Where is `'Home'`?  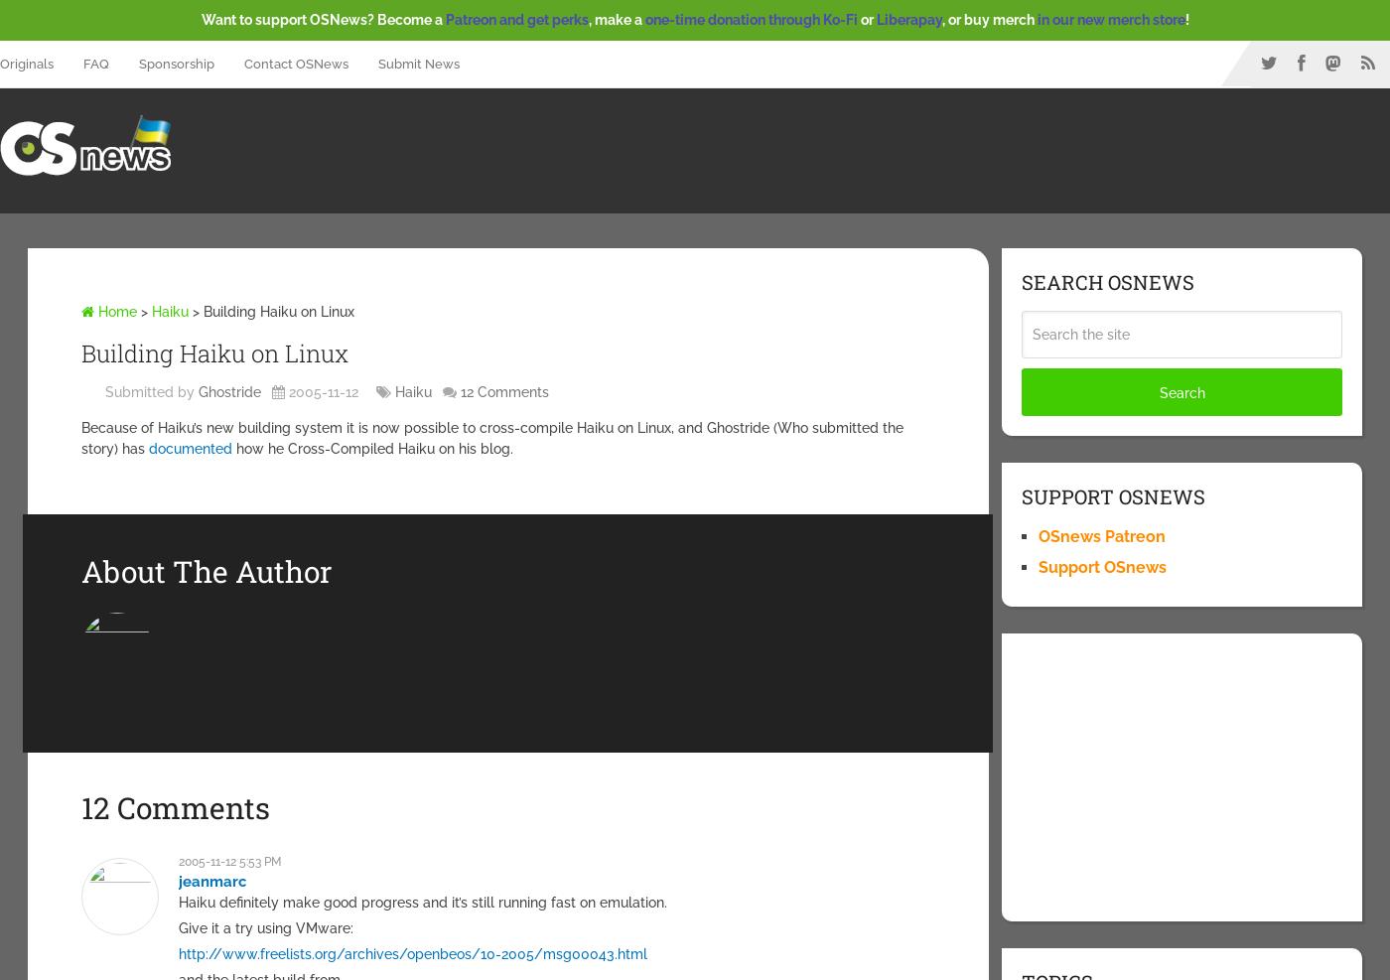 'Home' is located at coordinates (114, 309).